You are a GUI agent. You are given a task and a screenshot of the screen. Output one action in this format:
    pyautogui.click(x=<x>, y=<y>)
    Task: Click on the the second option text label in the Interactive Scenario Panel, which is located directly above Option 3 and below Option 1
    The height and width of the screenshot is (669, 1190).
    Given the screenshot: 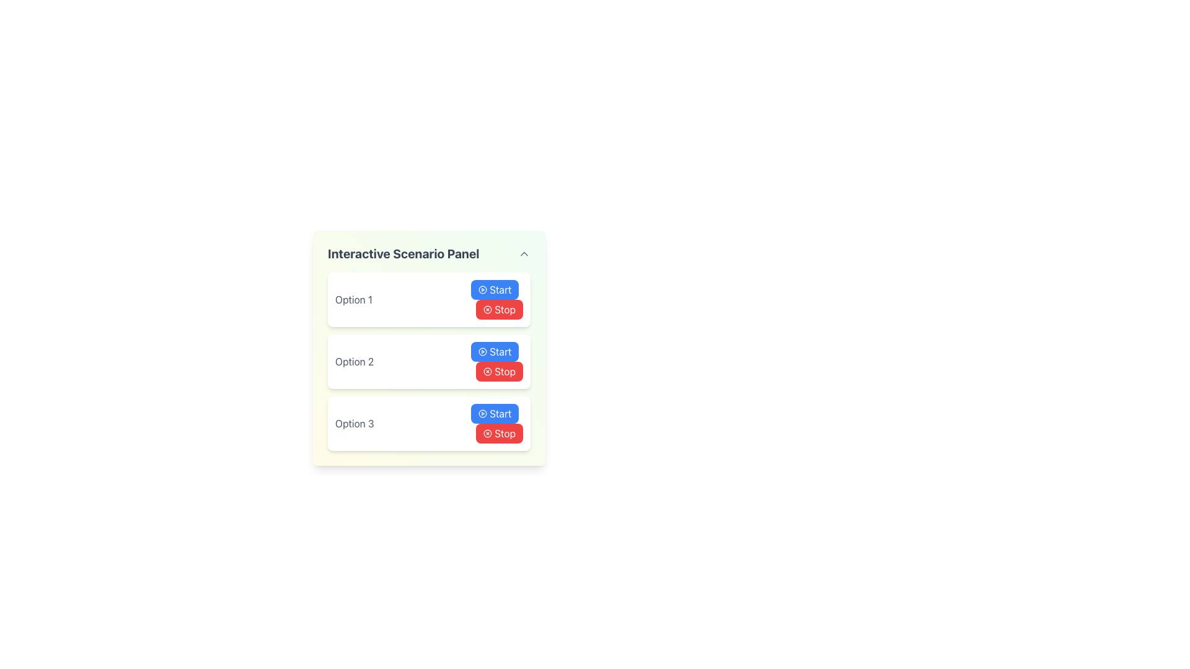 What is the action you would take?
    pyautogui.click(x=354, y=361)
    